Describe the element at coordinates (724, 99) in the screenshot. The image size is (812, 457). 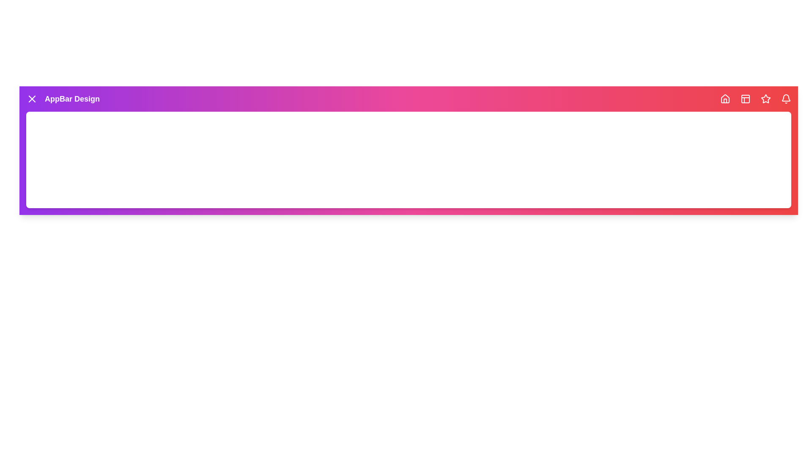
I see `the navigation icon Home` at that location.